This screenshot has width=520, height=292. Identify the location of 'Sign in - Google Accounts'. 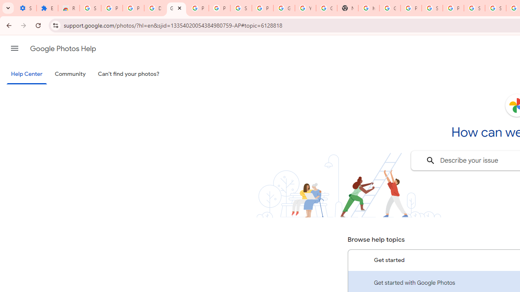
(474, 8).